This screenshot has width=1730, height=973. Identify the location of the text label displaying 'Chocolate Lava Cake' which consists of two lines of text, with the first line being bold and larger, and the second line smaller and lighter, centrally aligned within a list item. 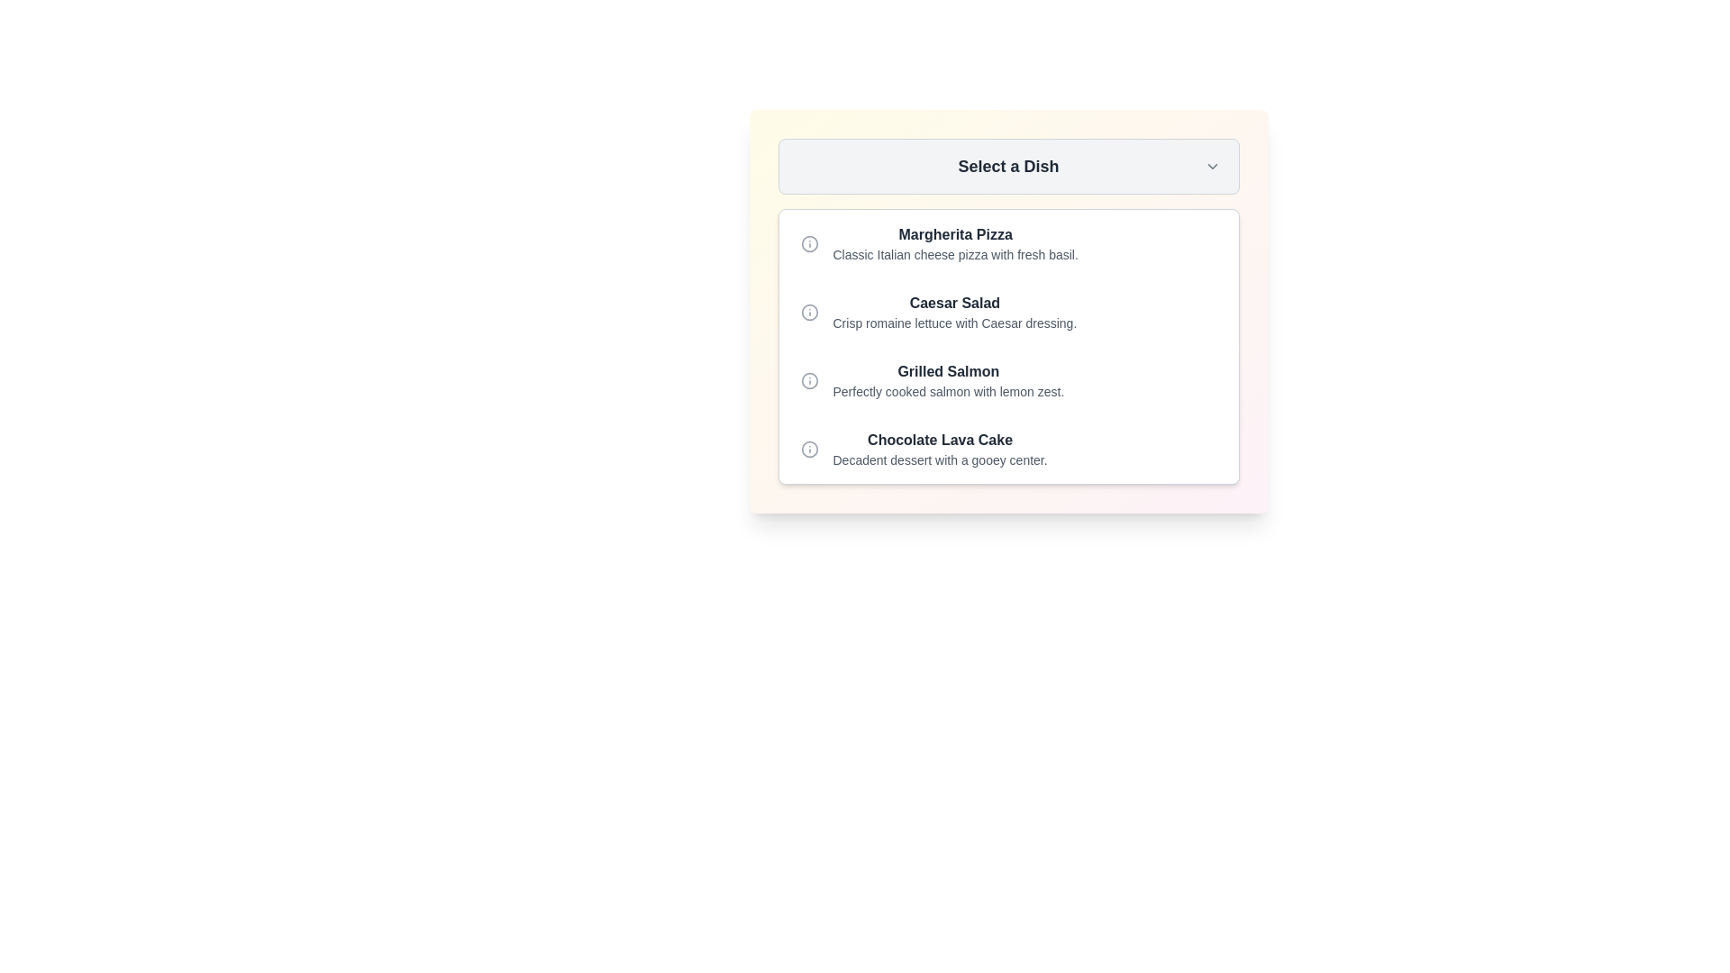
(939, 448).